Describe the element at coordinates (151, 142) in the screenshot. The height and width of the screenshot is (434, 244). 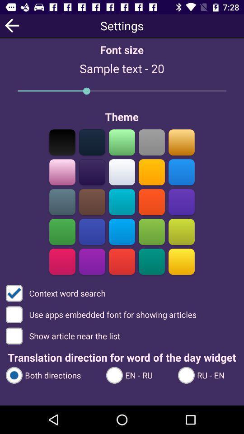
I see `theme color` at that location.